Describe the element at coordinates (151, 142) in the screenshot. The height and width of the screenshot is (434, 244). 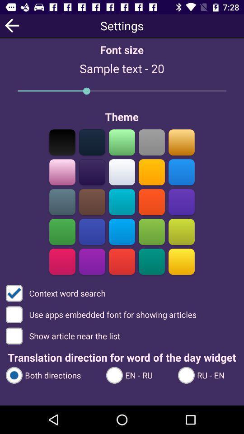
I see `theme color` at that location.